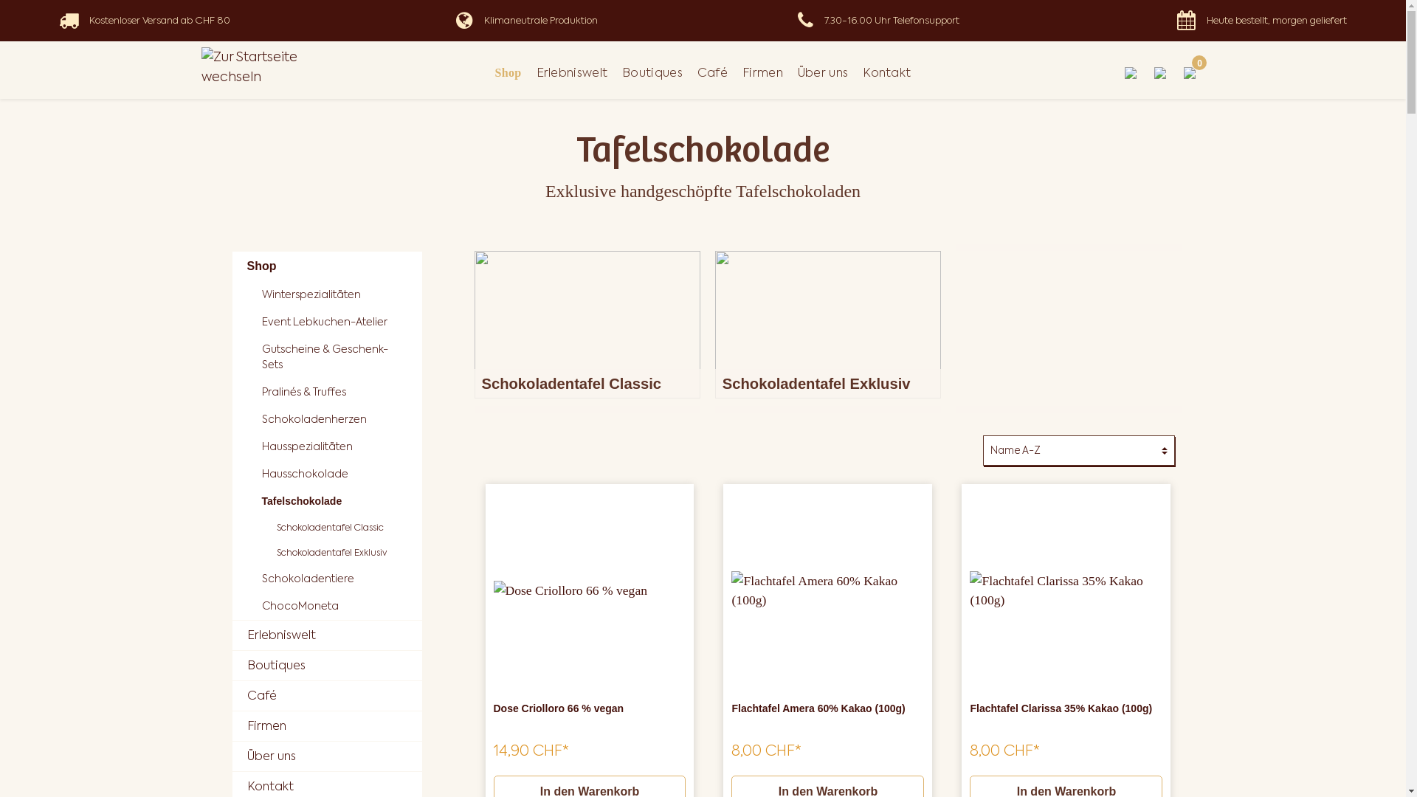 The image size is (1417, 797). I want to click on 'Schokoladenherzen', so click(333, 419).